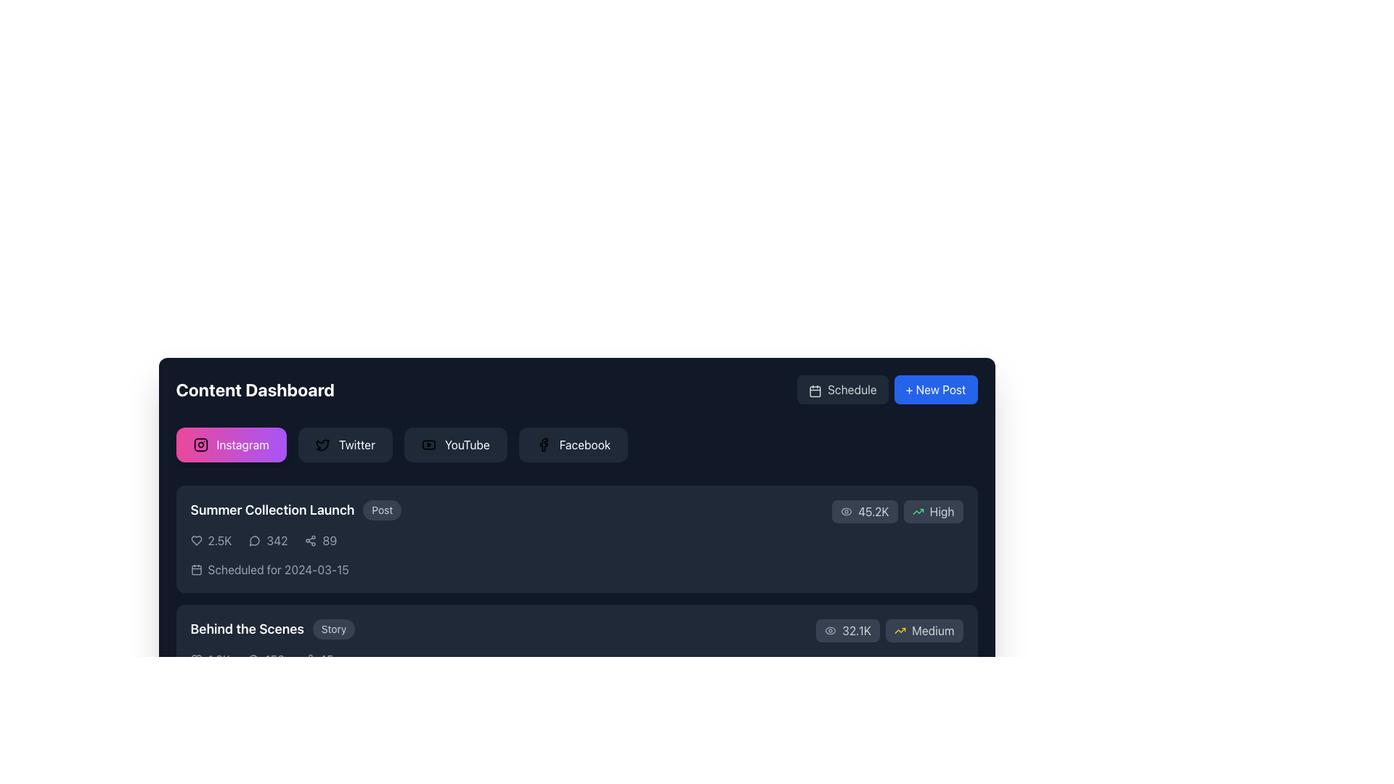 Image resolution: width=1394 pixels, height=784 pixels. Describe the element at coordinates (325, 660) in the screenshot. I see `the static text label that serves as a counter, located to the right of several graphical components in the same row` at that location.